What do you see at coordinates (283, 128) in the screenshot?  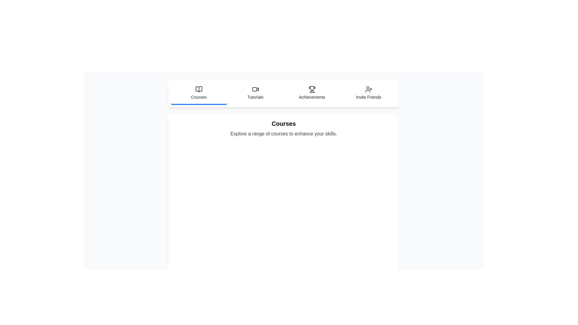 I see `text from the 'Courses' section, which includes the title 'Courses' and the subtitle 'Explore a range of courses to enhance your skills.'` at bounding box center [283, 128].